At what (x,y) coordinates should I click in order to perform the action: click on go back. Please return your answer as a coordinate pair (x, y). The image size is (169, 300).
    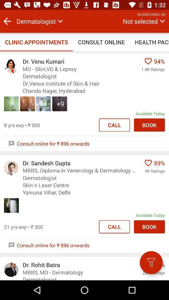
    Looking at the image, I should click on (7, 21).